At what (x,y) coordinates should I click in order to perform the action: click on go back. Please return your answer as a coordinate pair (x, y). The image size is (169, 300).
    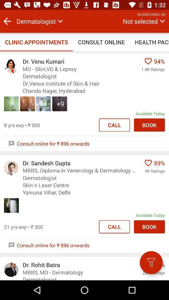
    Looking at the image, I should click on (7, 21).